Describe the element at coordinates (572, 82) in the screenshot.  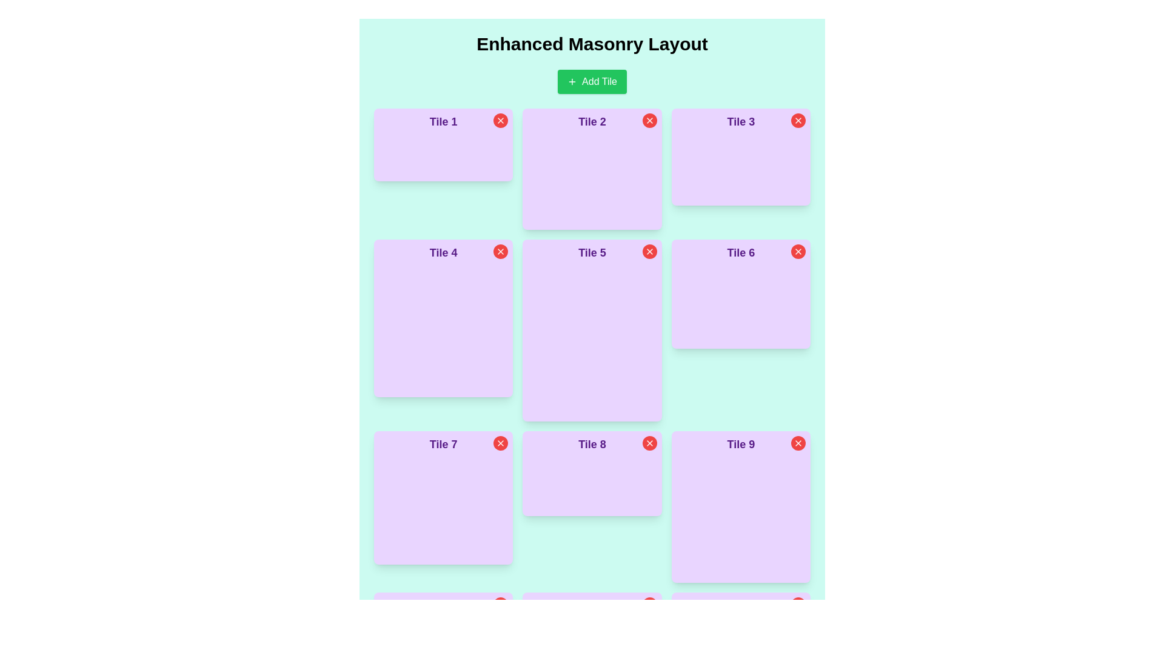
I see `the icon` at that location.